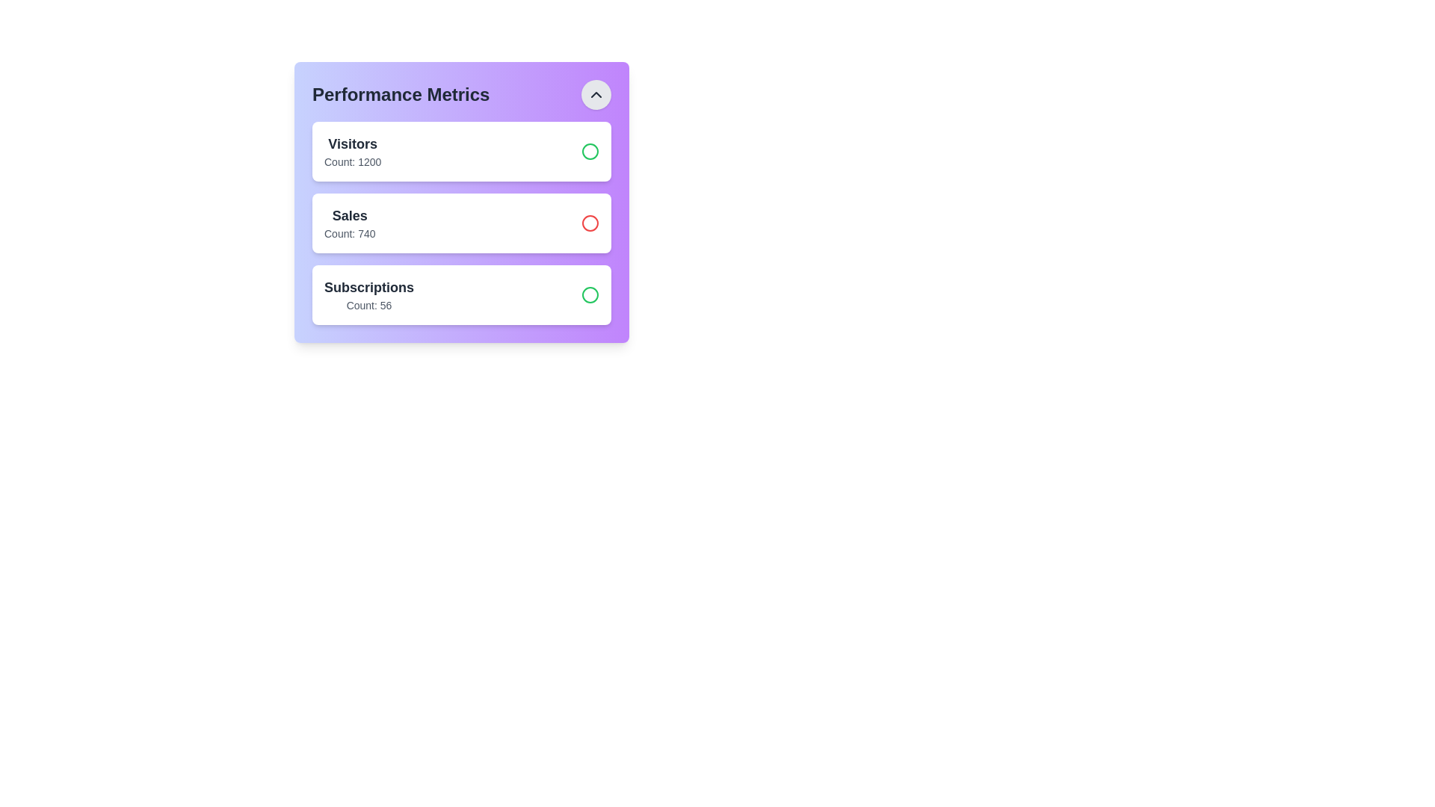 This screenshot has width=1435, height=807. What do you see at coordinates (461, 152) in the screenshot?
I see `the stat item for Visitors` at bounding box center [461, 152].